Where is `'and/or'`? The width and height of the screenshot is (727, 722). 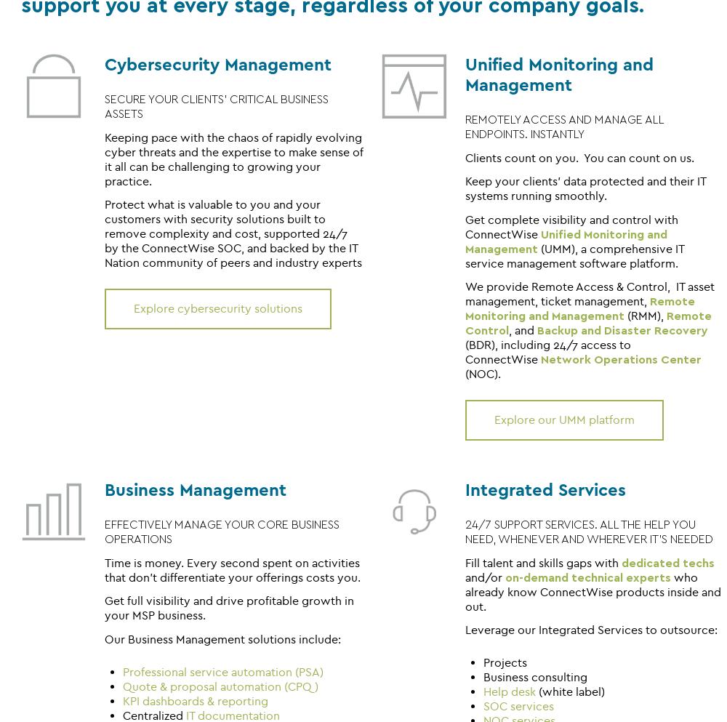
'and/or' is located at coordinates (485, 576).